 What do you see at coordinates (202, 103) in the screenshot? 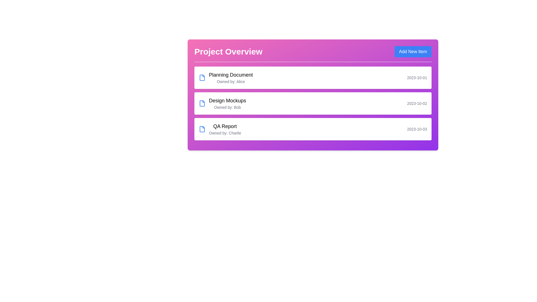
I see `the blue document icon with a folded corner located to the left of the text 'Design Mockups' in the 'Project Overview' card` at bounding box center [202, 103].